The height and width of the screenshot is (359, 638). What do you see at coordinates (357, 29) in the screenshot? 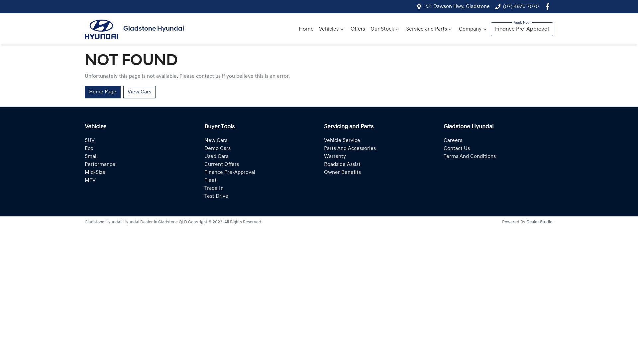
I see `'Offers'` at bounding box center [357, 29].